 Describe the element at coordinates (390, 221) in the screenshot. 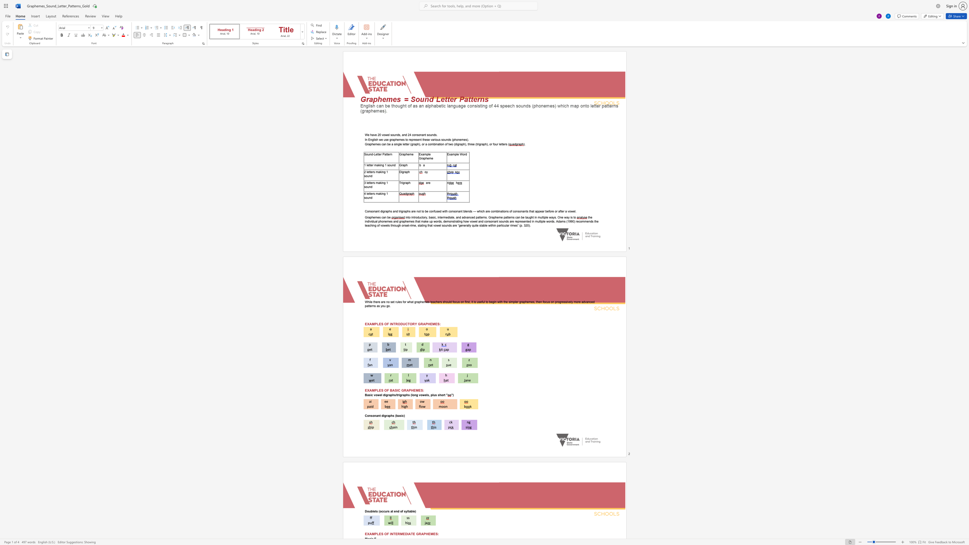

I see `the subset text "s and gr" within the text "the individual phonemes and graphemes that make up words,"` at that location.